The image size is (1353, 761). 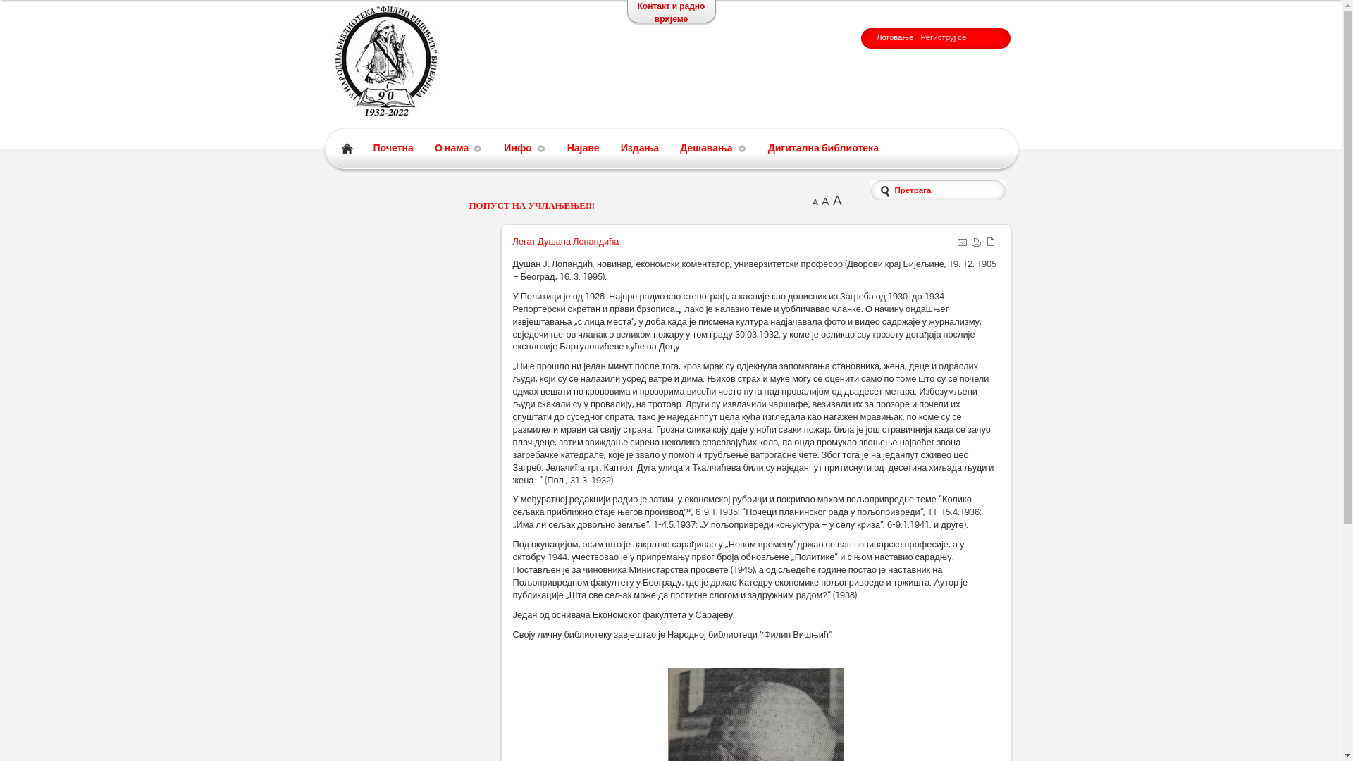 What do you see at coordinates (837, 201) in the screenshot?
I see `'A'` at bounding box center [837, 201].